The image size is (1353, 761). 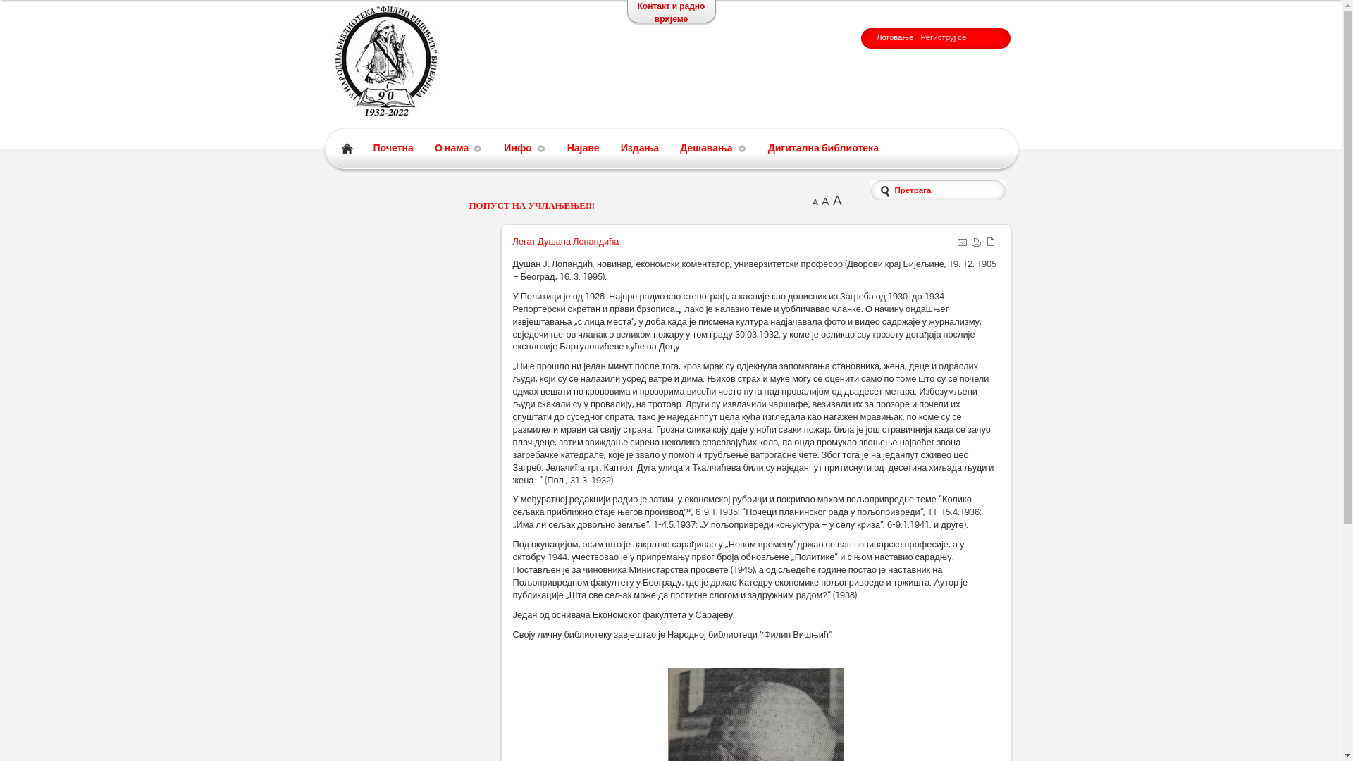 What do you see at coordinates (837, 201) in the screenshot?
I see `'A'` at bounding box center [837, 201].